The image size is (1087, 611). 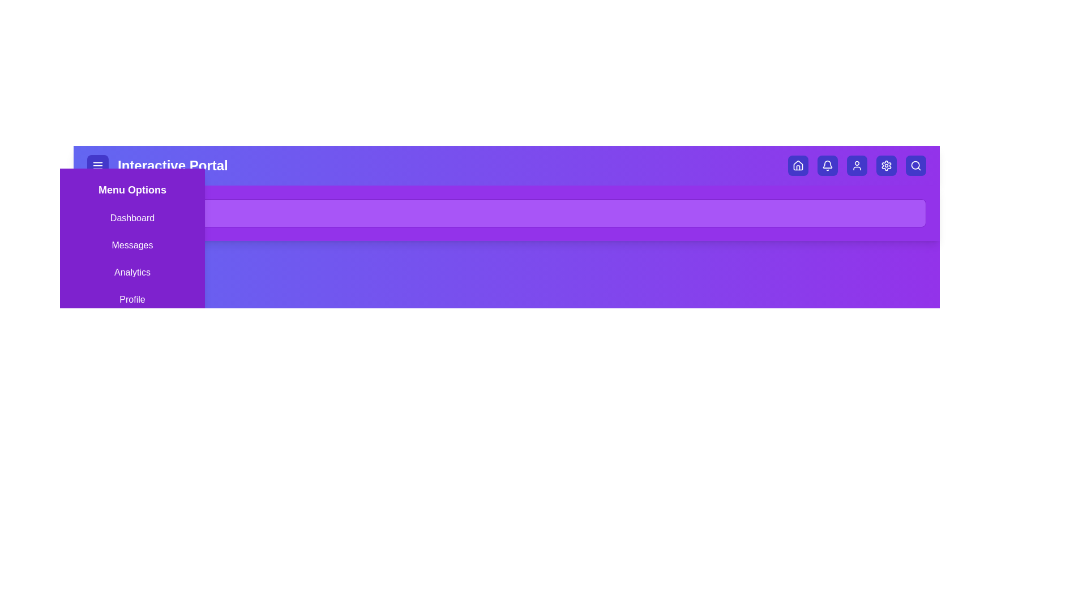 I want to click on the search button to toggle the search bar visibility, so click(x=915, y=166).